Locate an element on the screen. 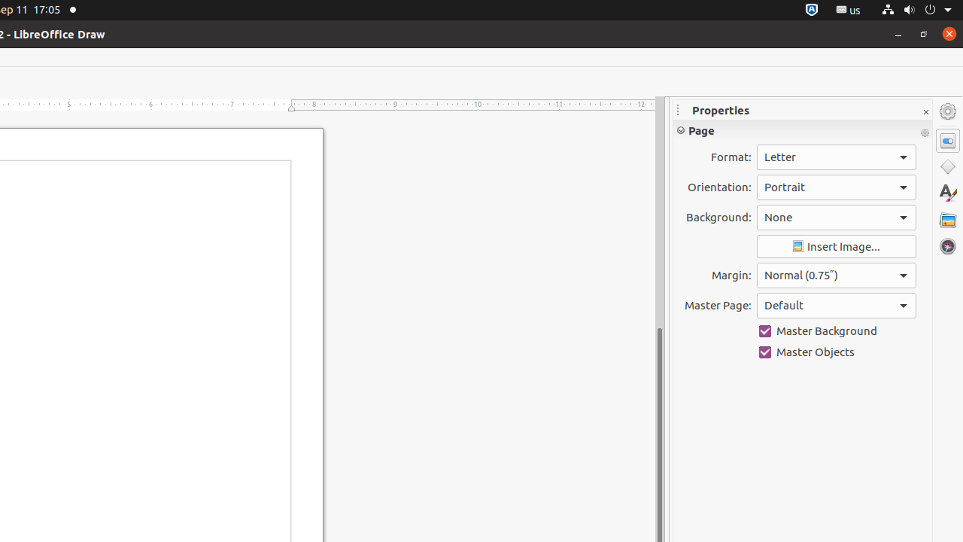 The height and width of the screenshot is (542, 963). 'Master Objects' is located at coordinates (835, 352).